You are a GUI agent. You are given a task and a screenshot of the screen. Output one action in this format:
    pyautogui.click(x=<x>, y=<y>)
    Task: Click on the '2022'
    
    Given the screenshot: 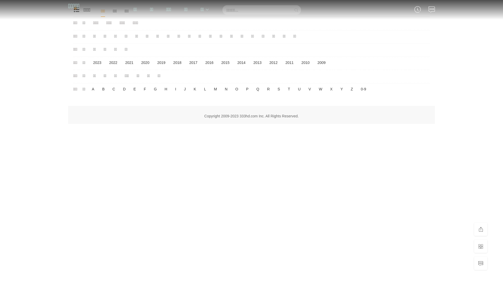 What is the action you would take?
    pyautogui.click(x=113, y=62)
    